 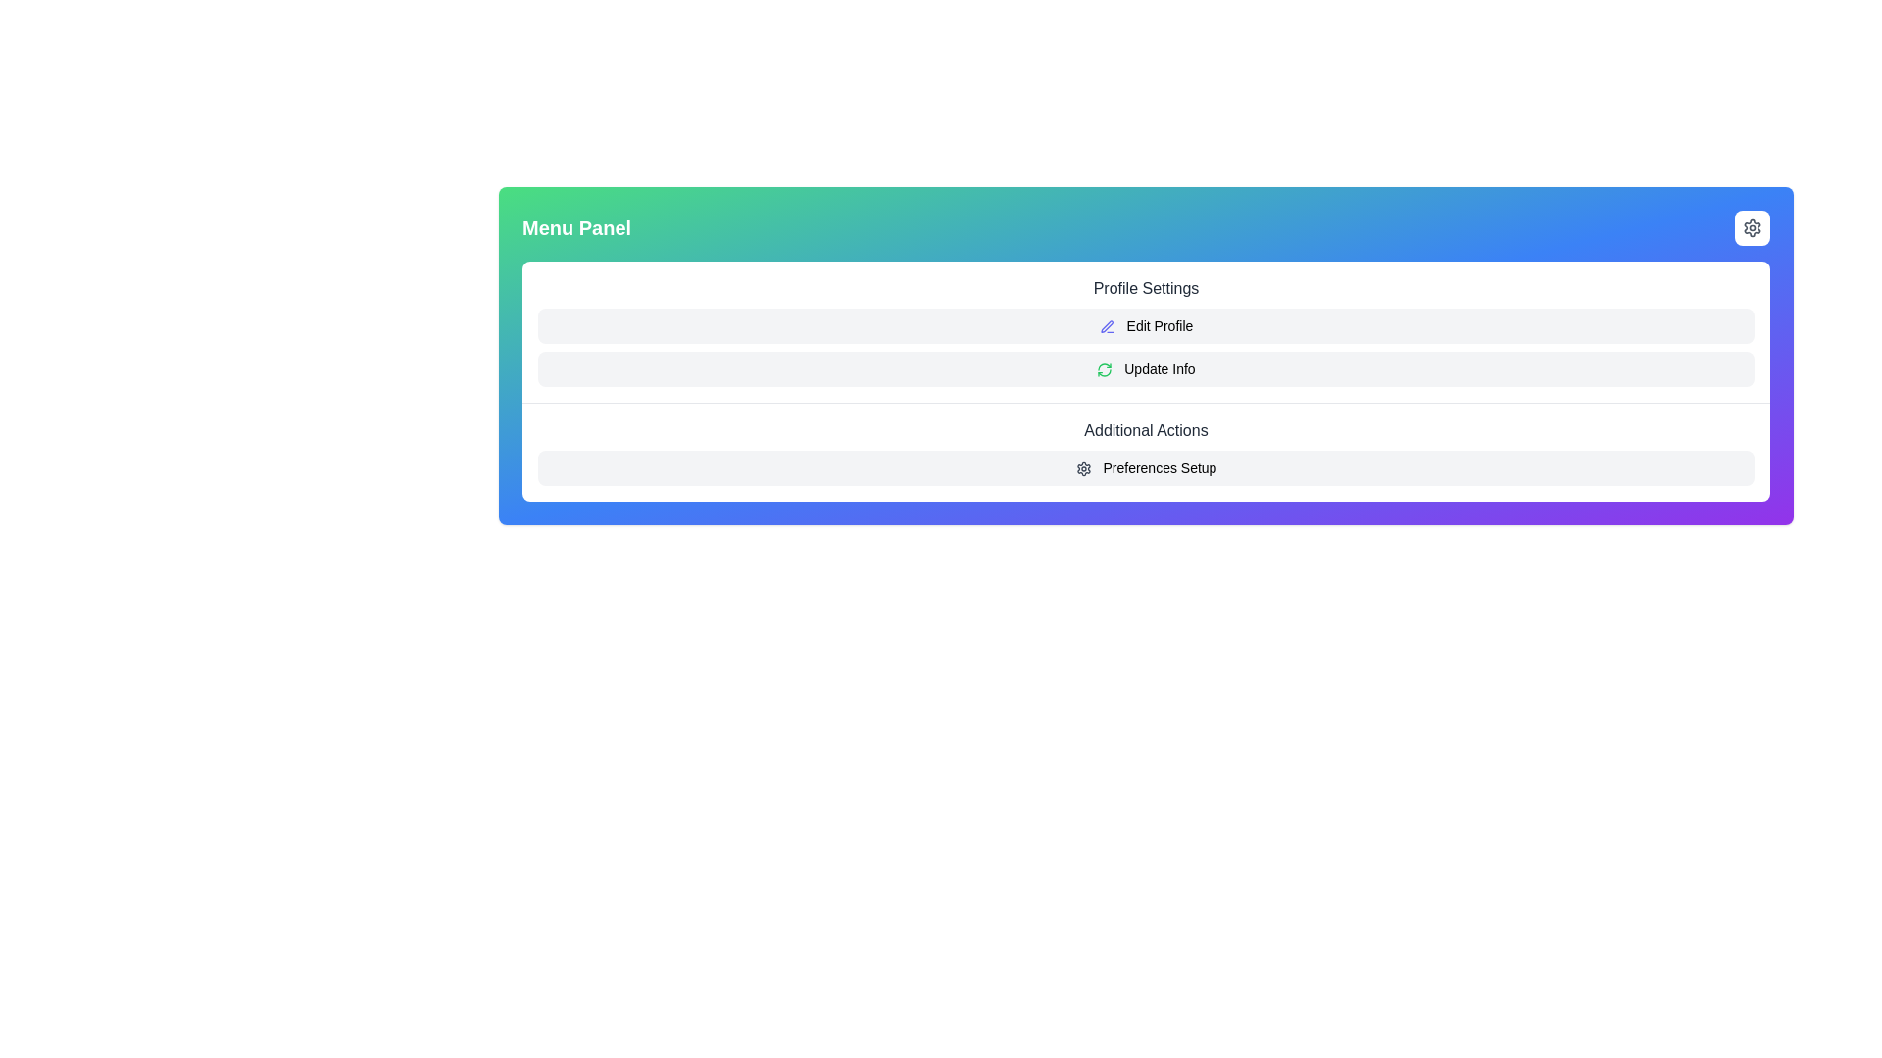 What do you see at coordinates (1105, 370) in the screenshot?
I see `the refresh icon within the 'Update Info' button in the 'Profile Settings' section of the menu panel` at bounding box center [1105, 370].